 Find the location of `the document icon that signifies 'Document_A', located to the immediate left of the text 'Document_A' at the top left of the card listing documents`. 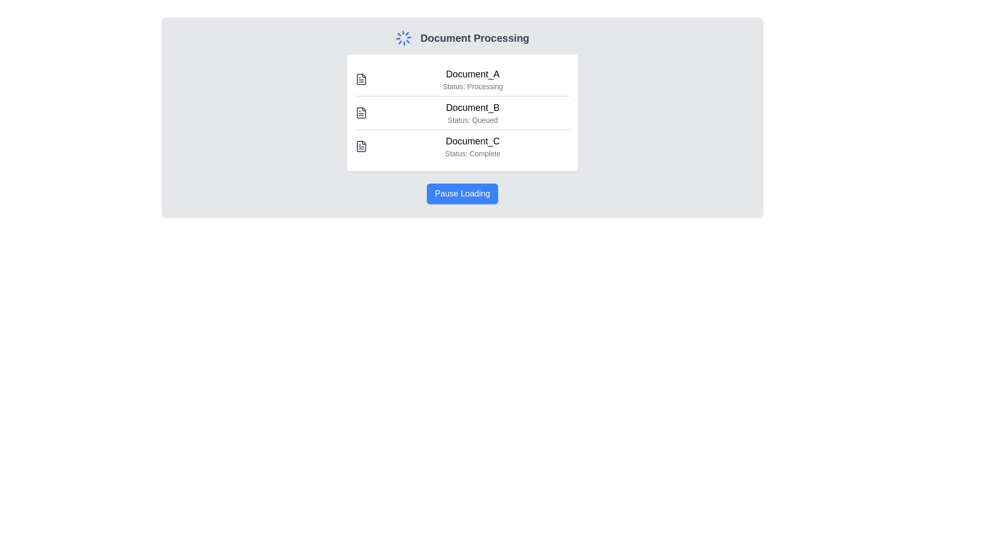

the document icon that signifies 'Document_A', located to the immediate left of the text 'Document_A' at the top left of the card listing documents is located at coordinates (361, 79).